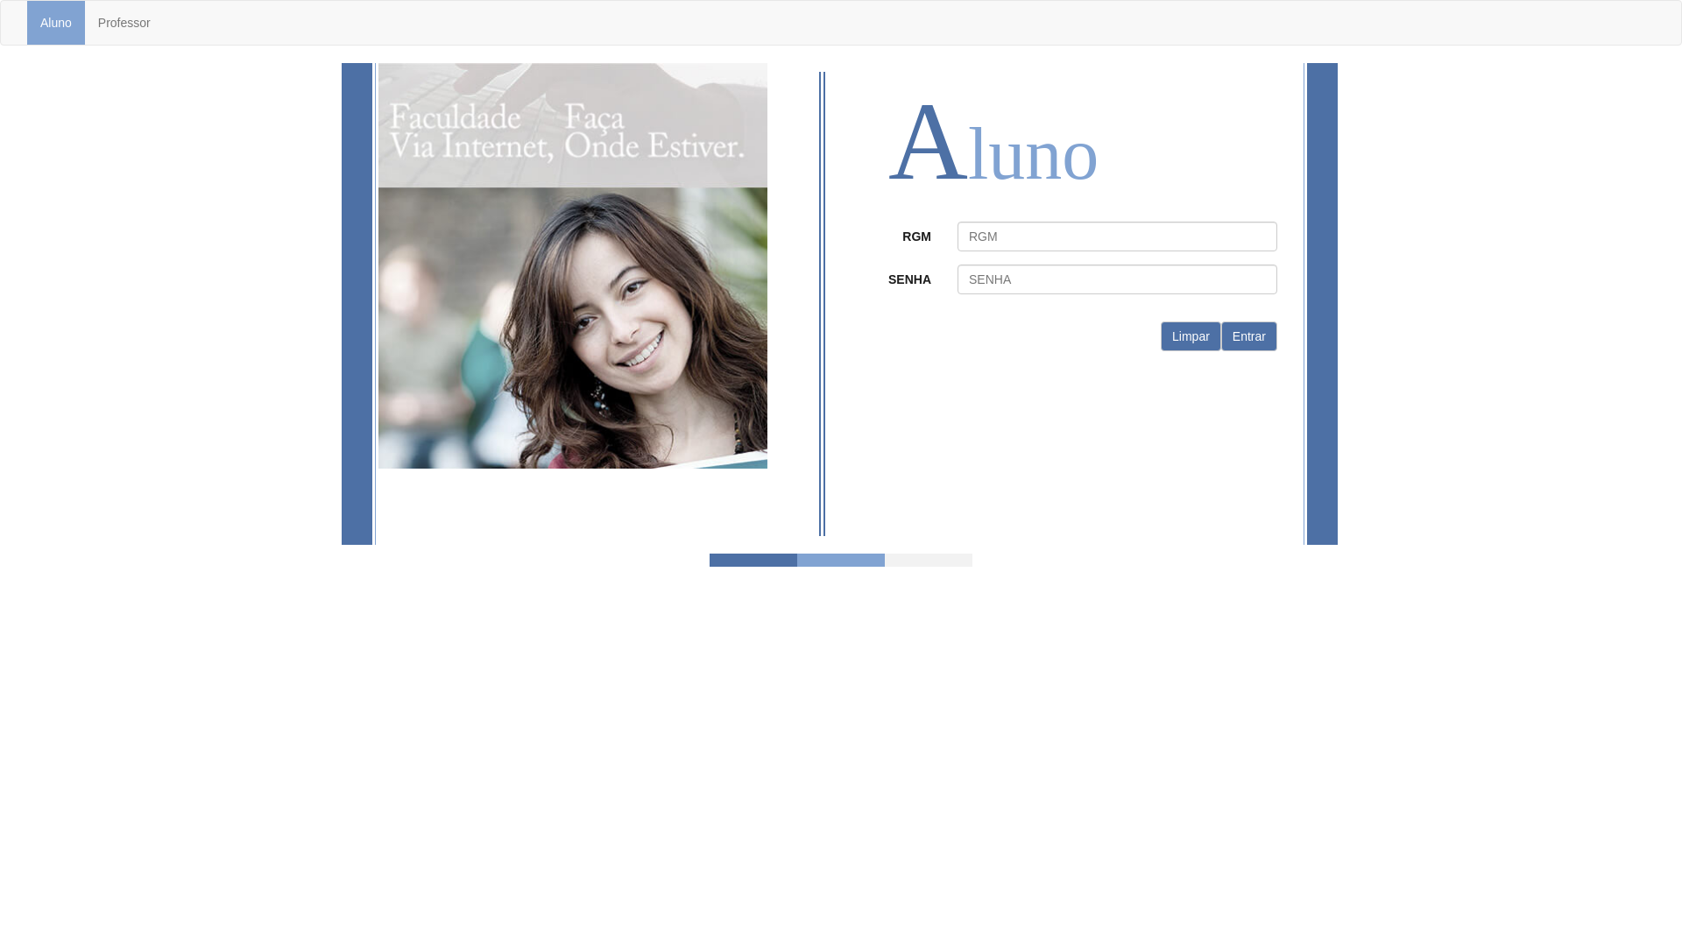  I want to click on 'Entrar', so click(1247, 336).